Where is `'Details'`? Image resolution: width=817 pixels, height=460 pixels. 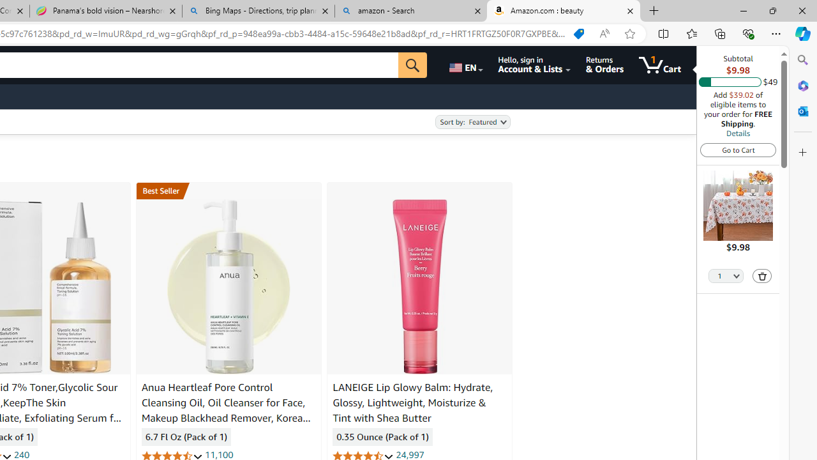
'Details' is located at coordinates (738, 133).